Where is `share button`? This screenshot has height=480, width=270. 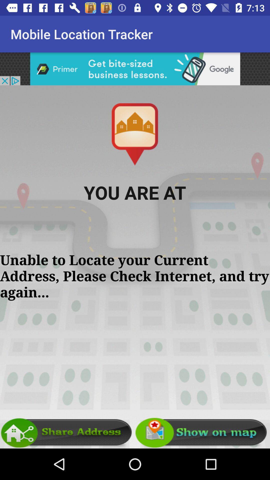
share button is located at coordinates (67, 432).